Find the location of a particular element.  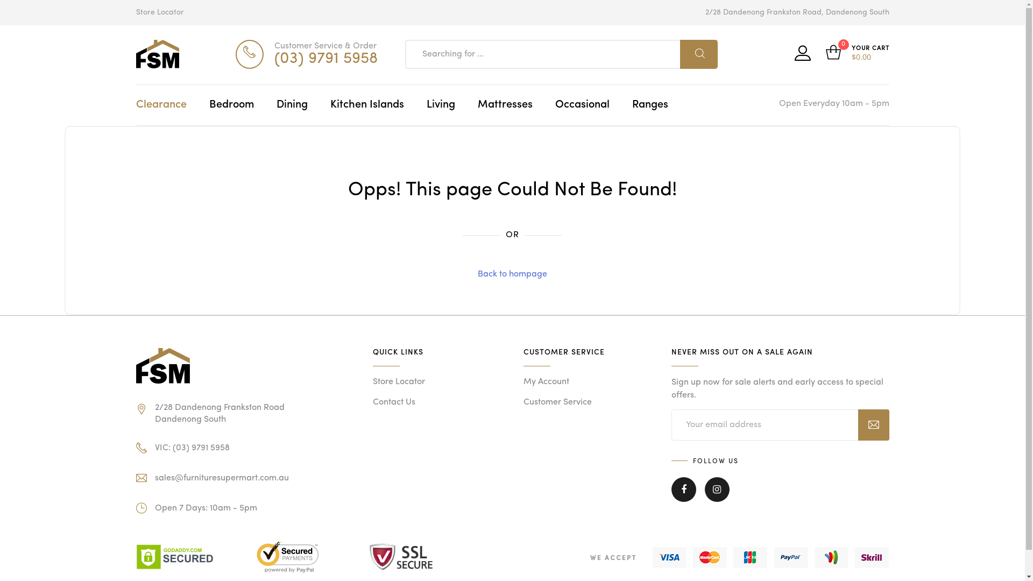

'Ranges' is located at coordinates (649, 105).